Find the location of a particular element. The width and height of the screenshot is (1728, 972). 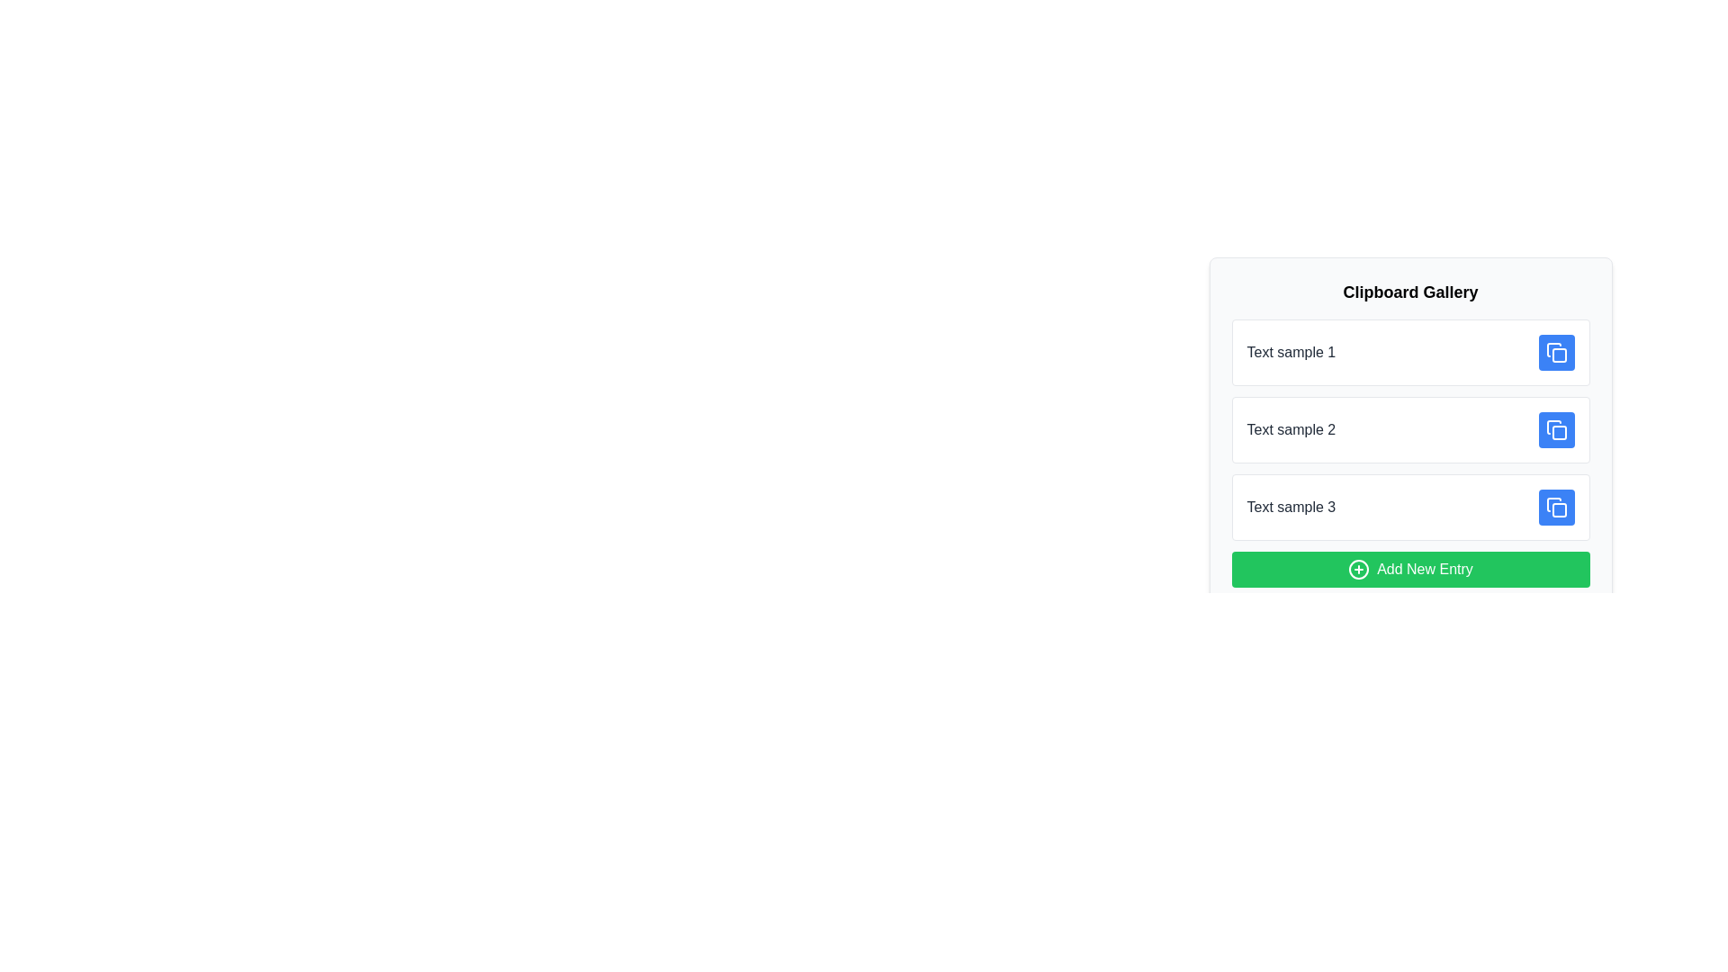

the SVG graphical element representing the 'Add New Entry' button, located at the center of the icon below the Clipboard Gallery entries is located at coordinates (1359, 569).